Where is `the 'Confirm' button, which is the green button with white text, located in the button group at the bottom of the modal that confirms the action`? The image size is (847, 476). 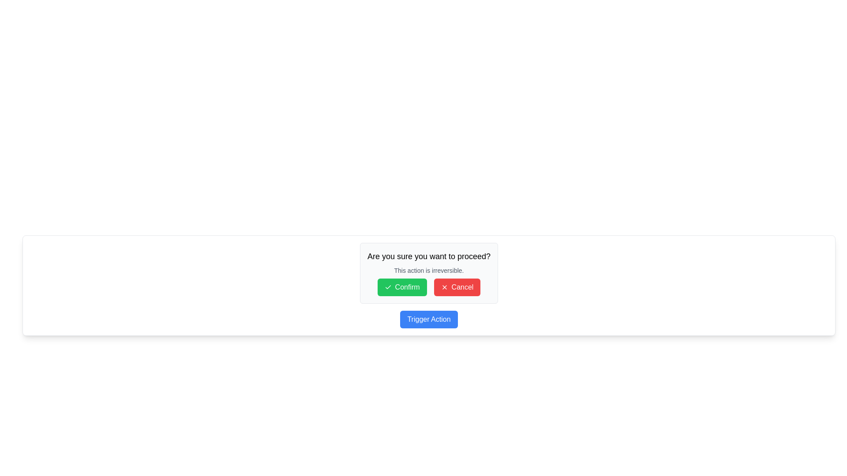
the 'Confirm' button, which is the green button with white text, located in the button group at the bottom of the modal that confirms the action is located at coordinates (429, 287).